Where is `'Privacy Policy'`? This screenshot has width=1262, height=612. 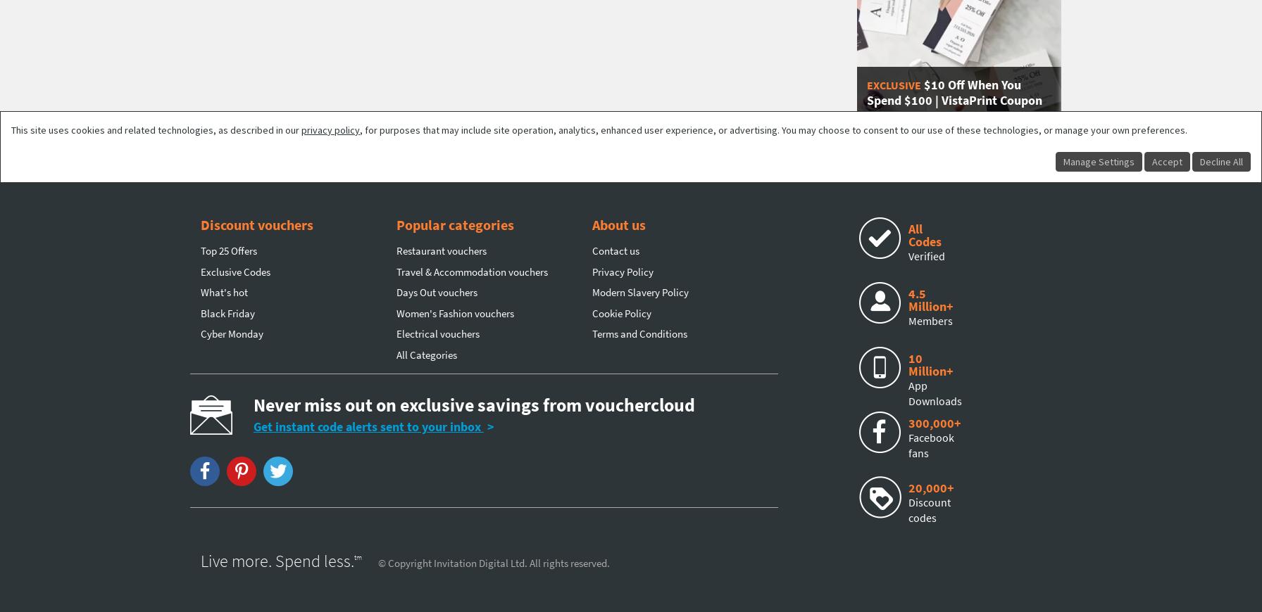 'Privacy Policy' is located at coordinates (623, 271).